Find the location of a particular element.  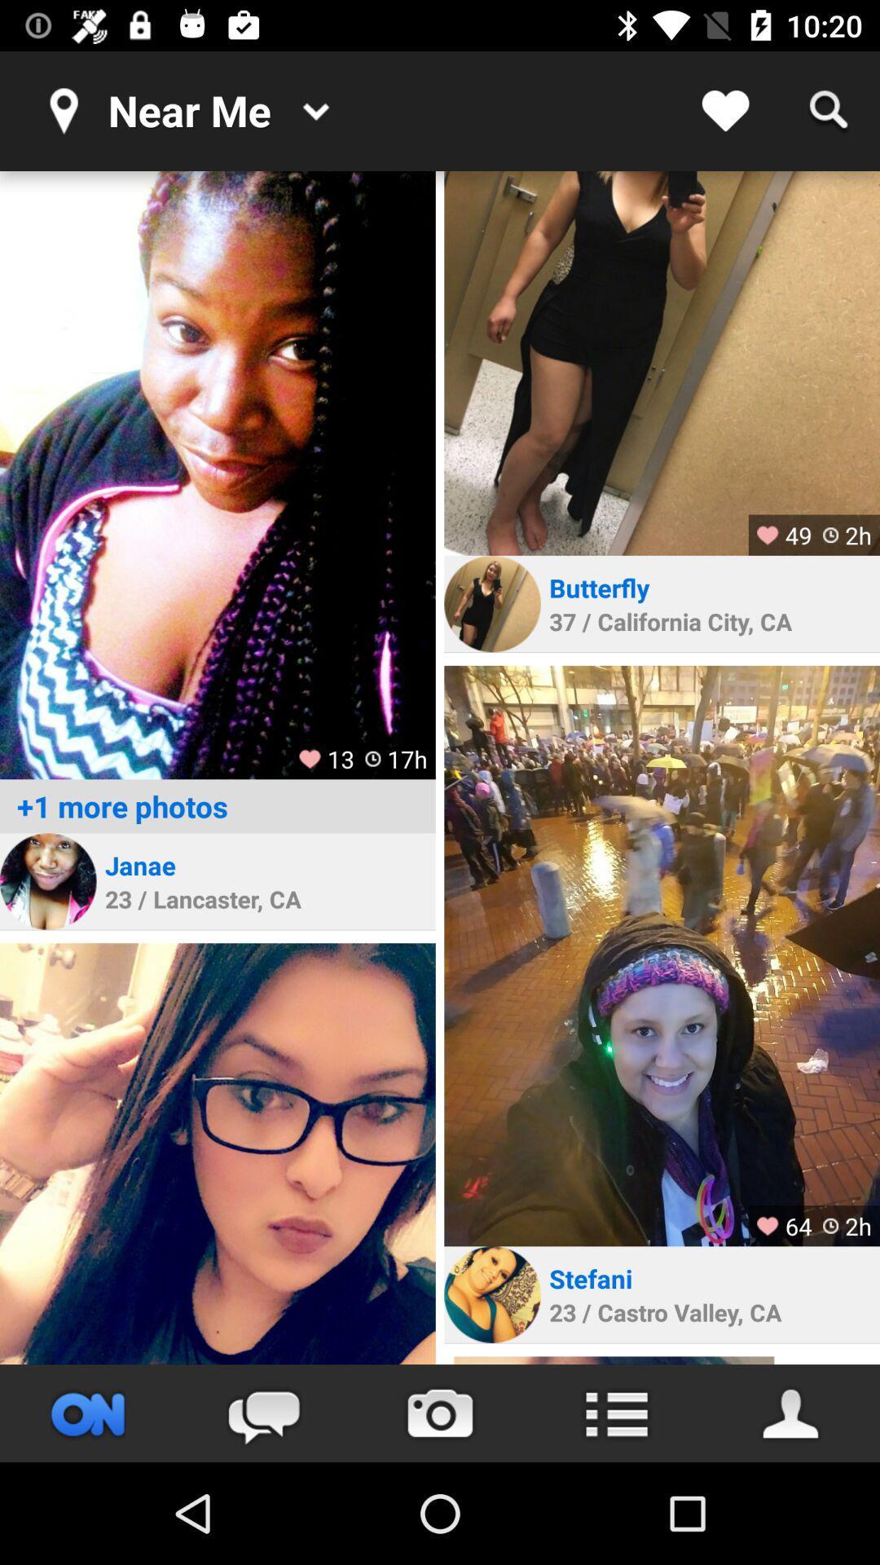

personal settings is located at coordinates (791, 1413).